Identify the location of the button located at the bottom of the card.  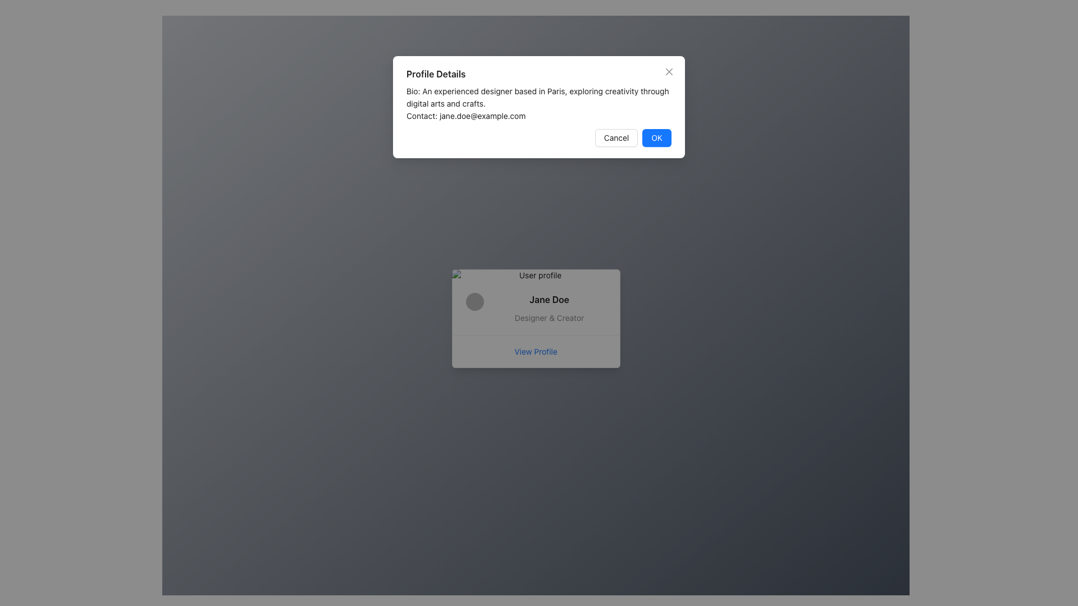
(535, 351).